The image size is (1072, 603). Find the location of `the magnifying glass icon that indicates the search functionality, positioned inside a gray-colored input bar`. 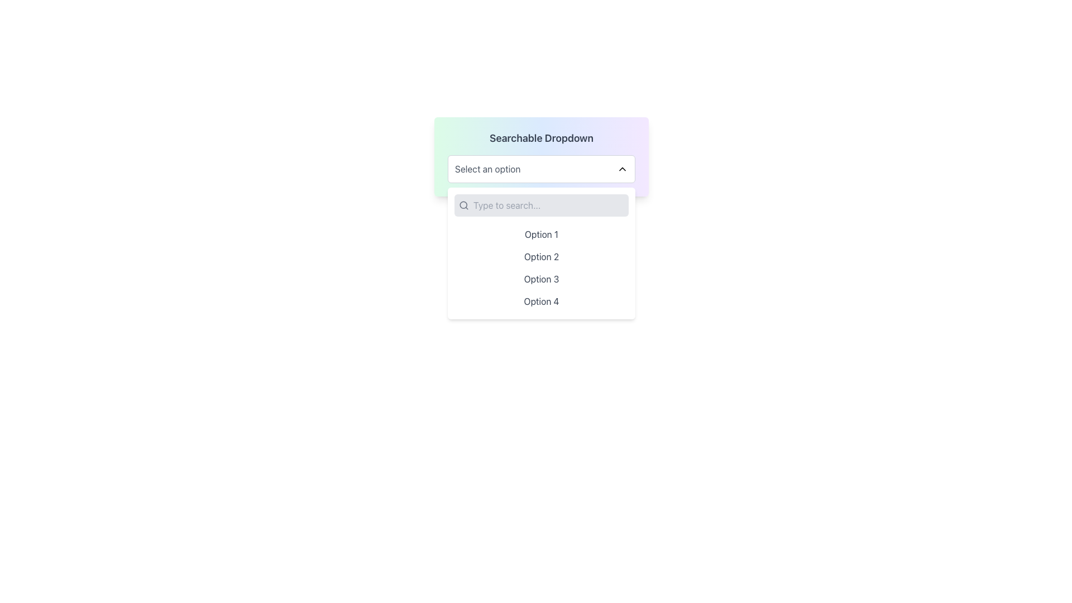

the magnifying glass icon that indicates the search functionality, positioned inside a gray-colored input bar is located at coordinates (463, 205).